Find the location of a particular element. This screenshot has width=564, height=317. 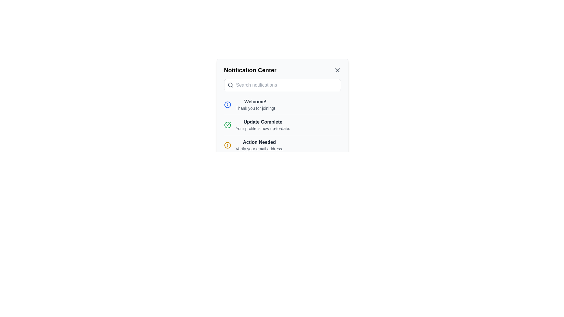

the green success icon with a checkmark, located to the left of the 'Update Complete' text in the second notification of the 'Notification Center' panel is located at coordinates (227, 124).